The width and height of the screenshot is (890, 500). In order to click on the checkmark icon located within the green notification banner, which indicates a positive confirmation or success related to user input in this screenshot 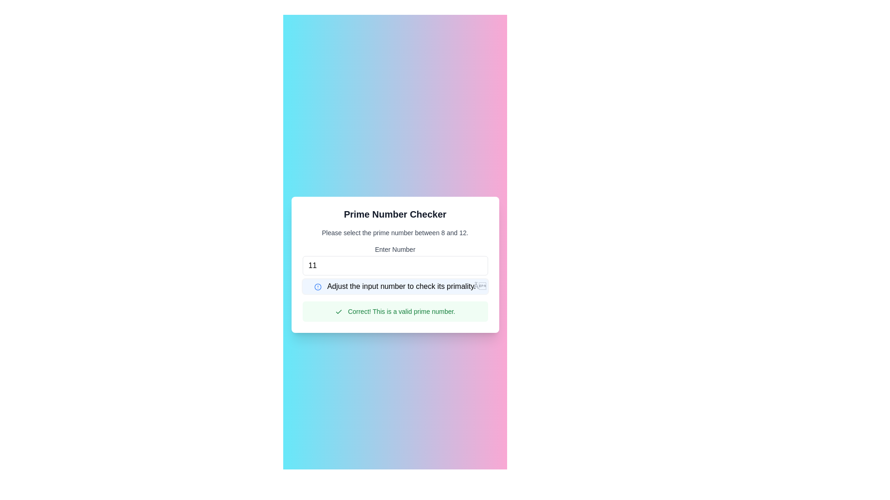, I will do `click(338, 312)`.